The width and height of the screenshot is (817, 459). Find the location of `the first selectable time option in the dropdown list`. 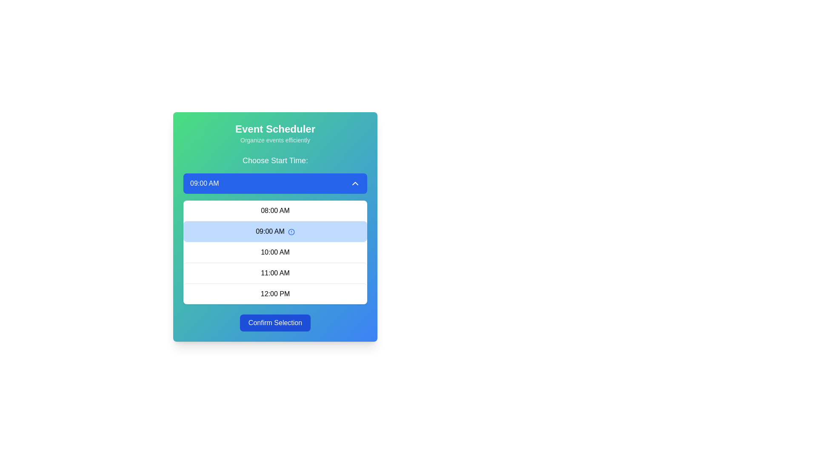

the first selectable time option in the dropdown list is located at coordinates (275, 210).